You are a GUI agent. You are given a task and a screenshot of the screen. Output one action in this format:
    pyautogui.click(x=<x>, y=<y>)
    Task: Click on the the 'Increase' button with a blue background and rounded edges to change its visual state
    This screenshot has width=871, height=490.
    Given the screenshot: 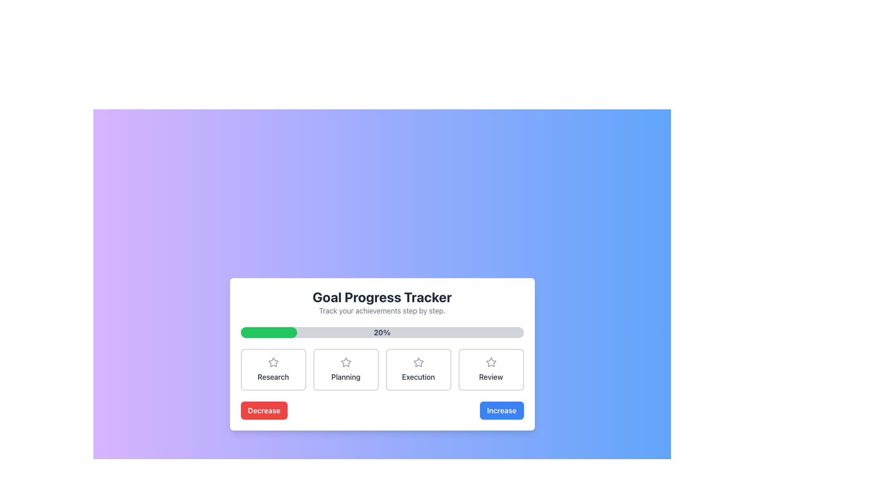 What is the action you would take?
    pyautogui.click(x=501, y=411)
    